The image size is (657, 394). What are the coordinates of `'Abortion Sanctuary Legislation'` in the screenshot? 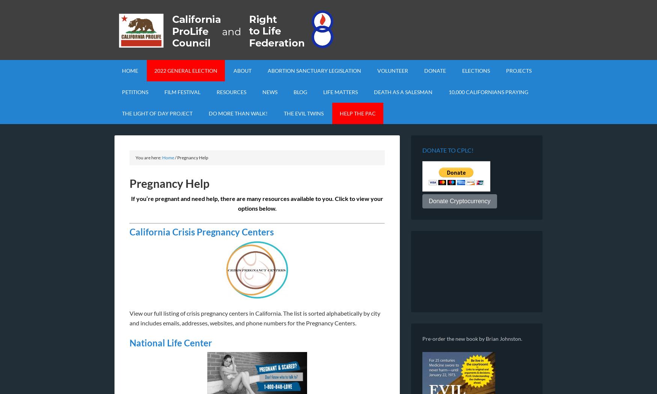 It's located at (314, 70).